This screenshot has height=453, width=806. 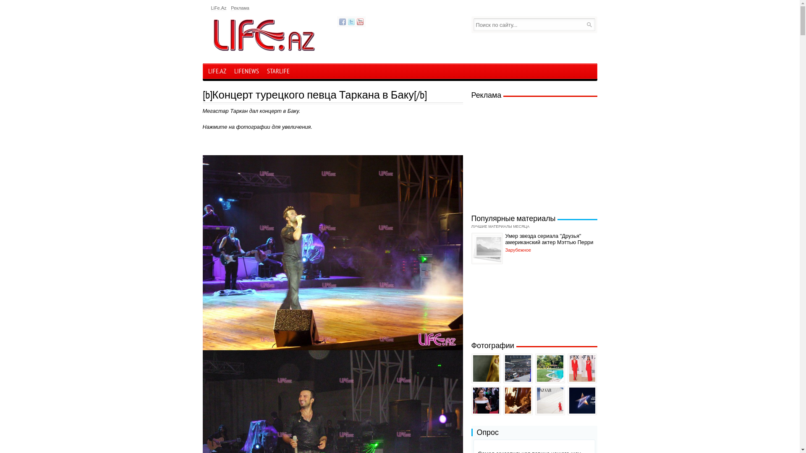 I want to click on 'YouTube', so click(x=360, y=21).